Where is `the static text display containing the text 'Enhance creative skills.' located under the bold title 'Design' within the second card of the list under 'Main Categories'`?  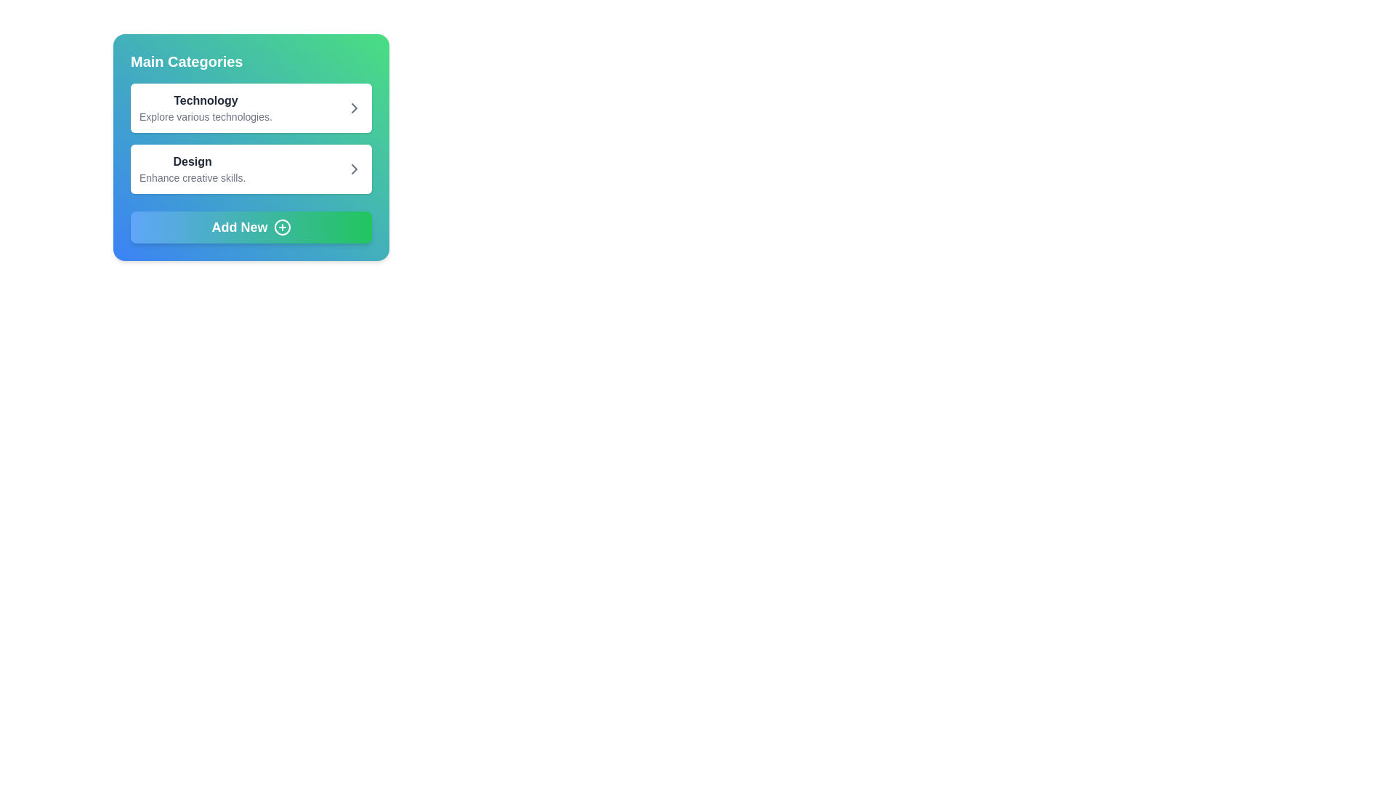 the static text display containing the text 'Enhance creative skills.' located under the bold title 'Design' within the second card of the list under 'Main Categories' is located at coordinates (192, 177).